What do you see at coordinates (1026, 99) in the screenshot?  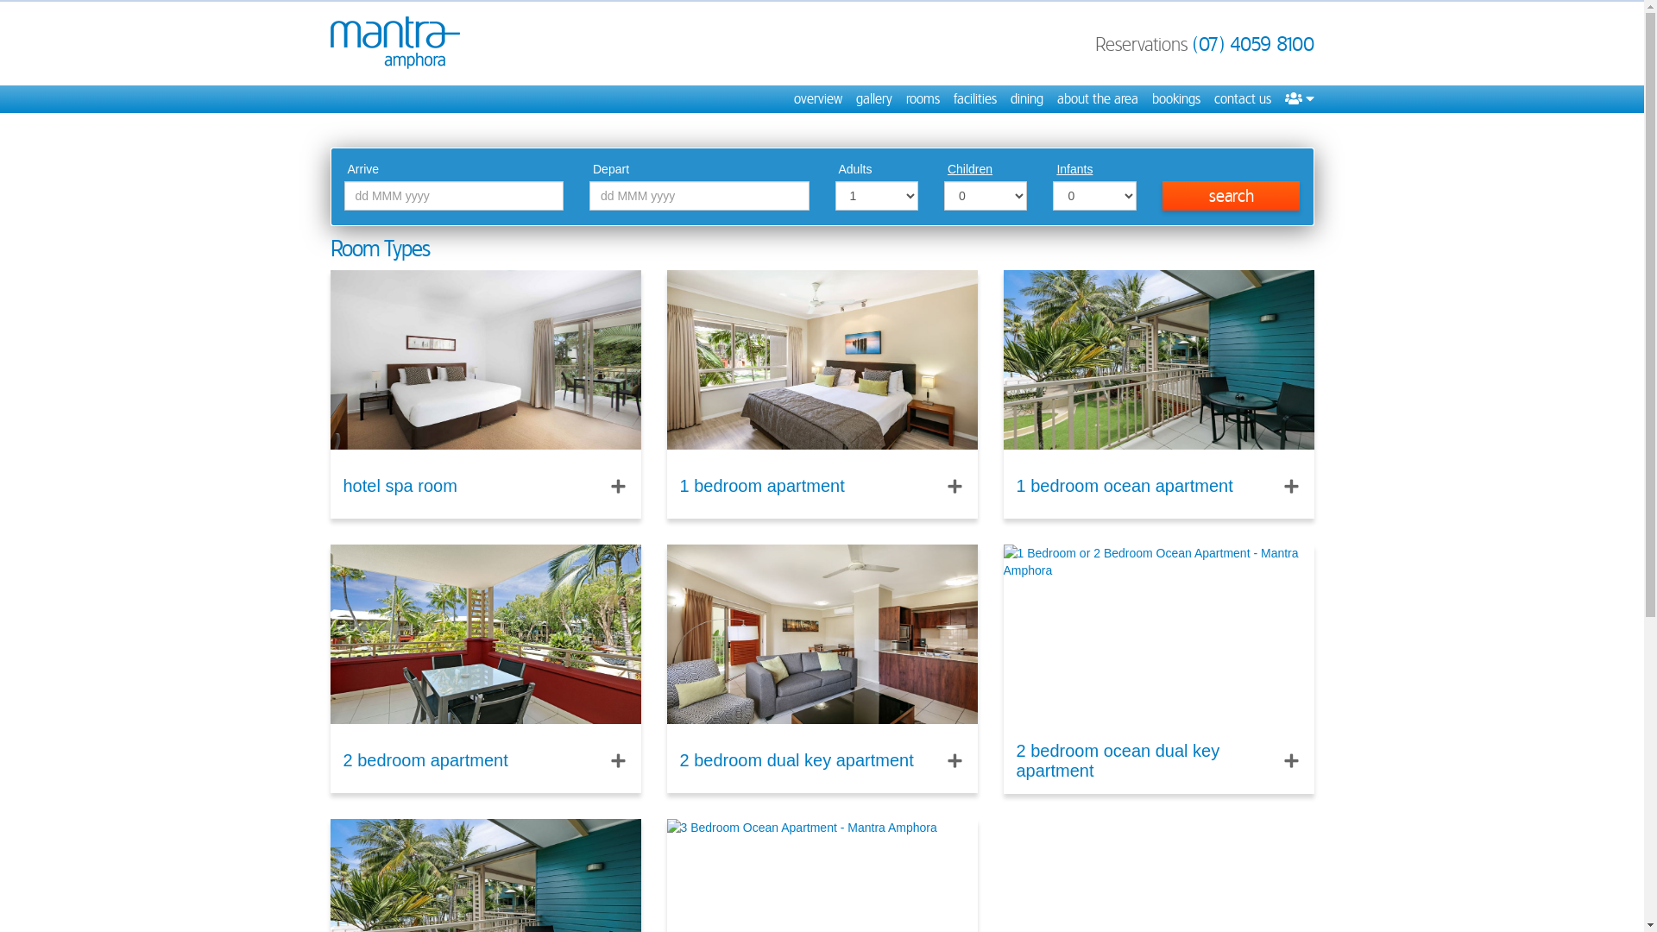 I see `'dining'` at bounding box center [1026, 99].